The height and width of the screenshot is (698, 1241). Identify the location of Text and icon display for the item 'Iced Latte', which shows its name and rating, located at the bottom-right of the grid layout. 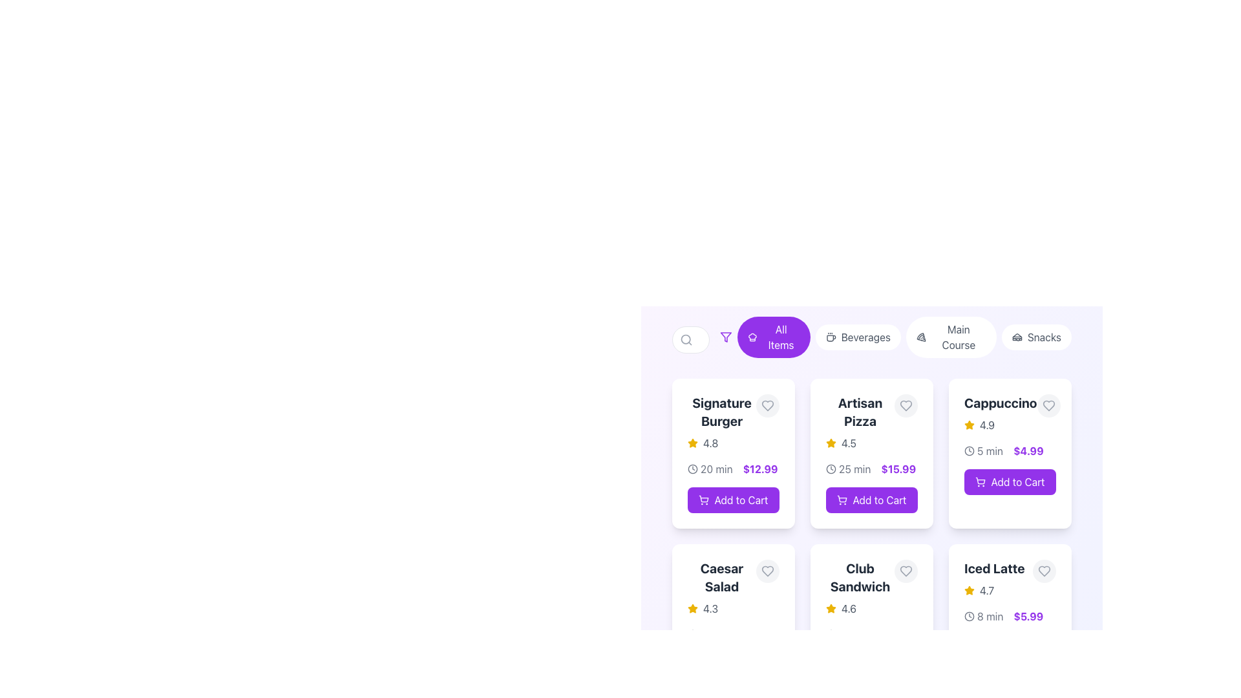
(993, 578).